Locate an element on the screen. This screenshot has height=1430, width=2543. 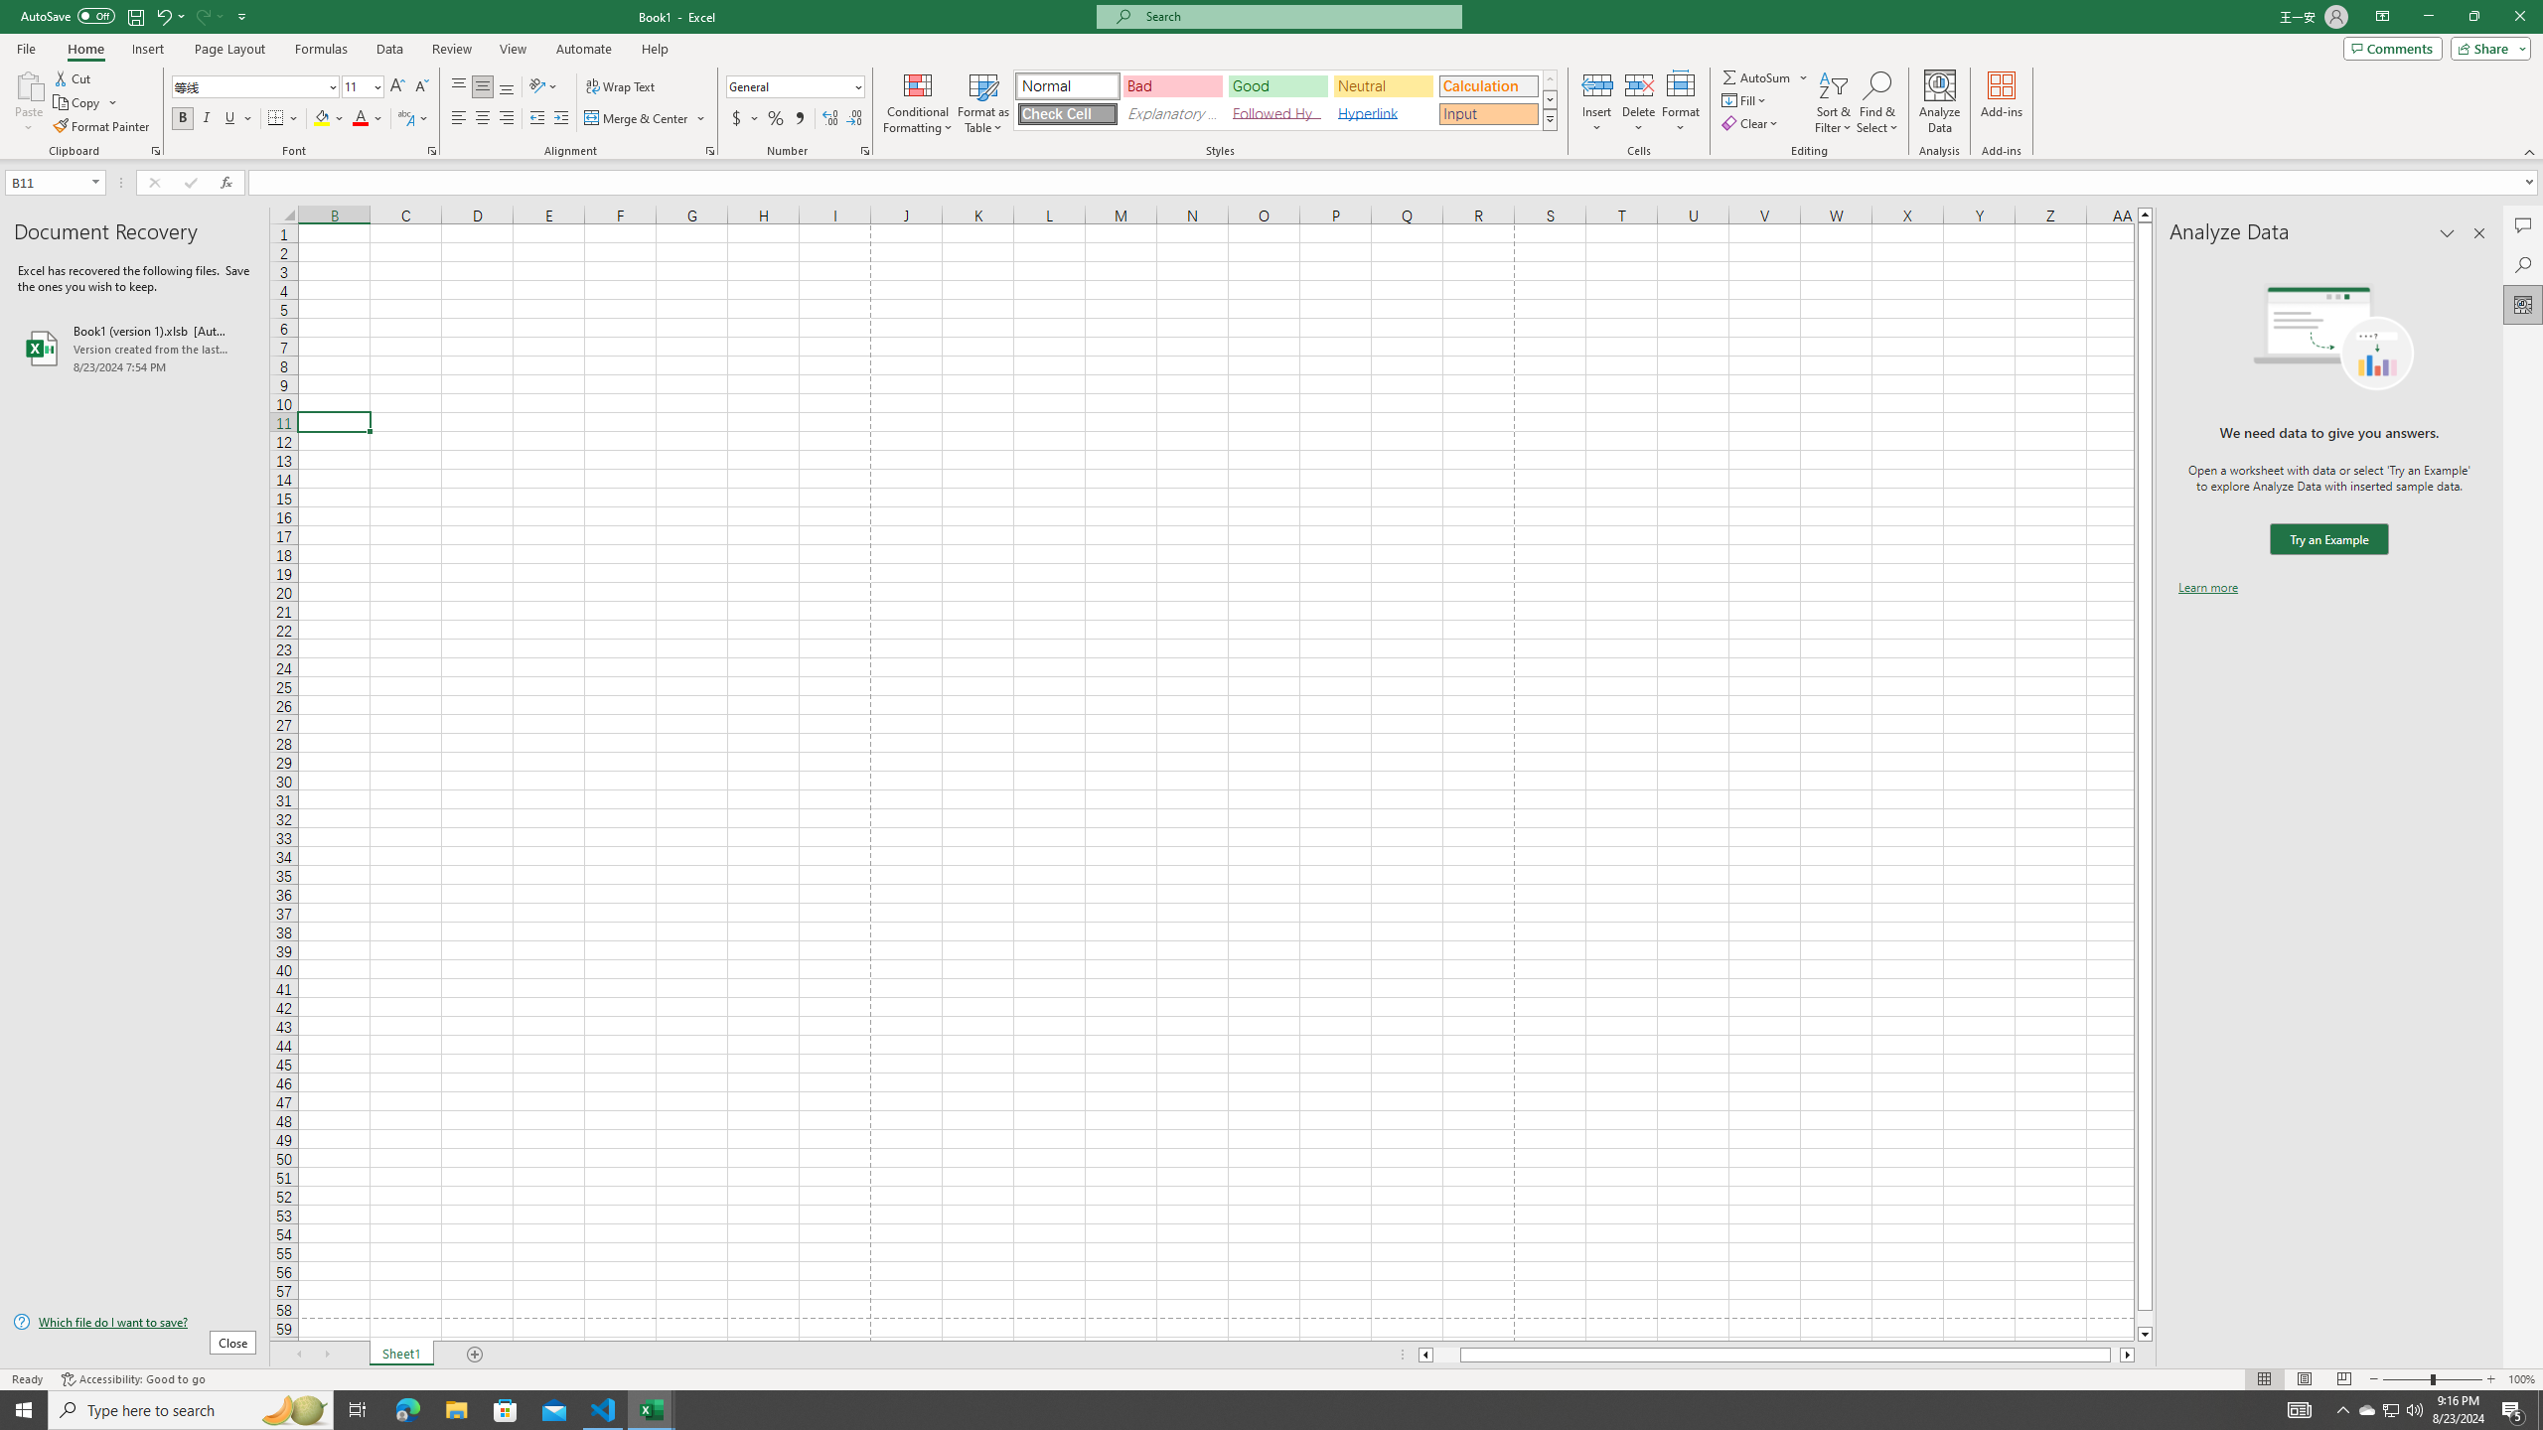
'Format Cell Alignment' is located at coordinates (708, 149).